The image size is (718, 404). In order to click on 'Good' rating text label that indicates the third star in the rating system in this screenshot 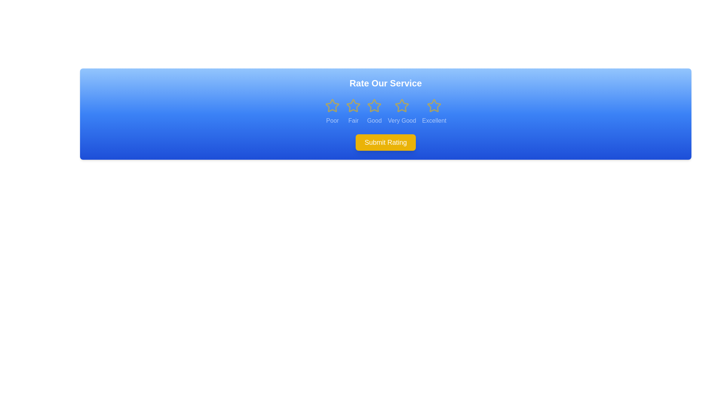, I will do `click(374, 120)`.